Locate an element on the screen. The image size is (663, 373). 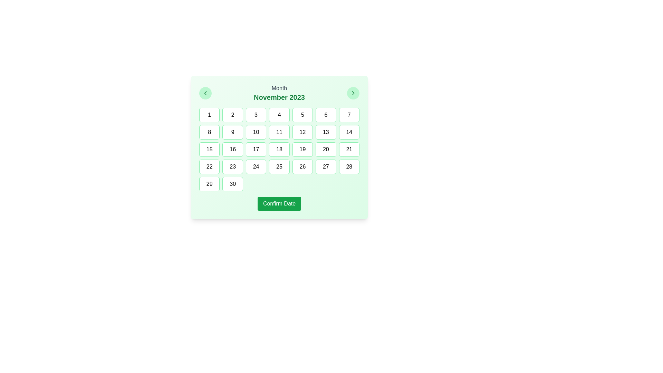
the date button labeled '18' which is styled with a white background and green border in the calendar grid layout is located at coordinates (279, 149).